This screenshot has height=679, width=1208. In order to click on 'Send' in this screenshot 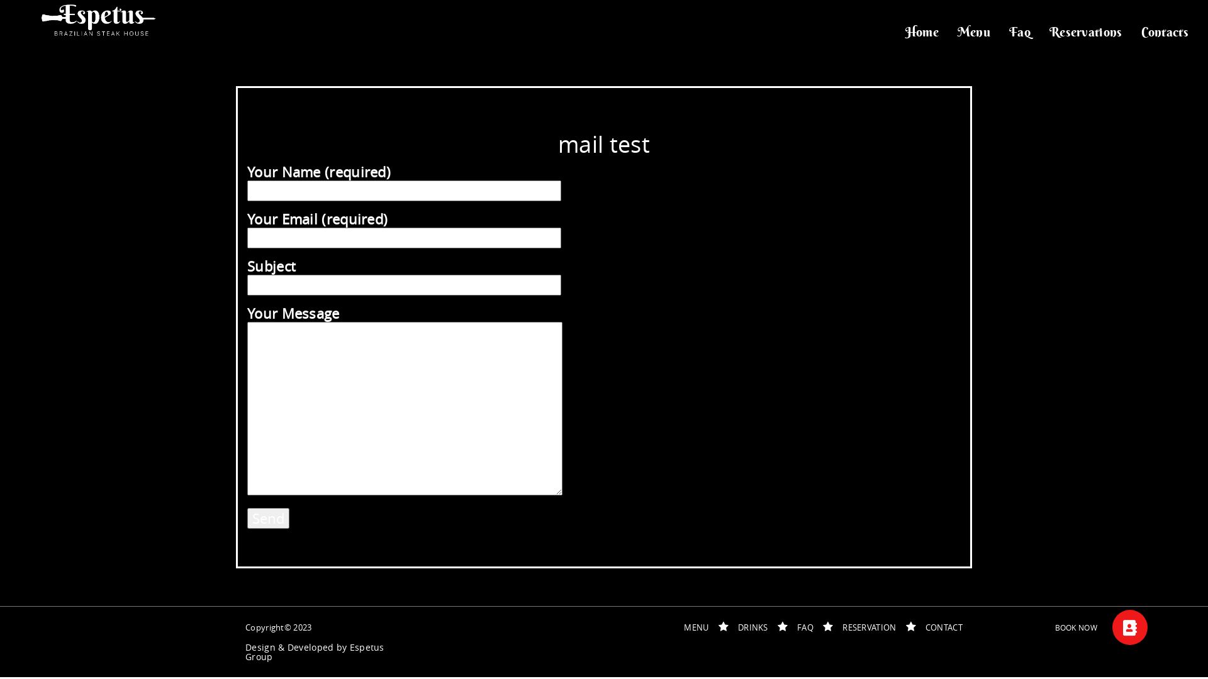, I will do `click(267, 518)`.